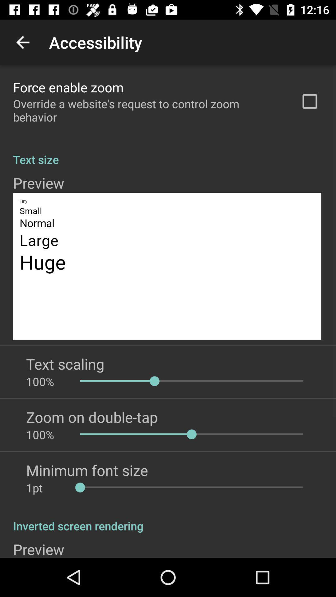  I want to click on item to the right of the override a website icon, so click(310, 101).